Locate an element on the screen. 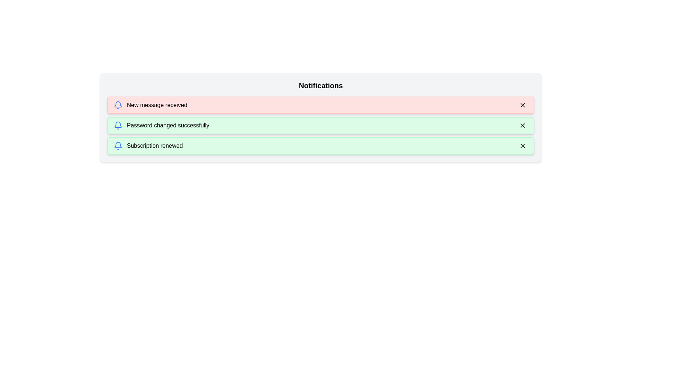 The width and height of the screenshot is (698, 392). the 'X' icon button in the second row of notifications is located at coordinates (522, 125).